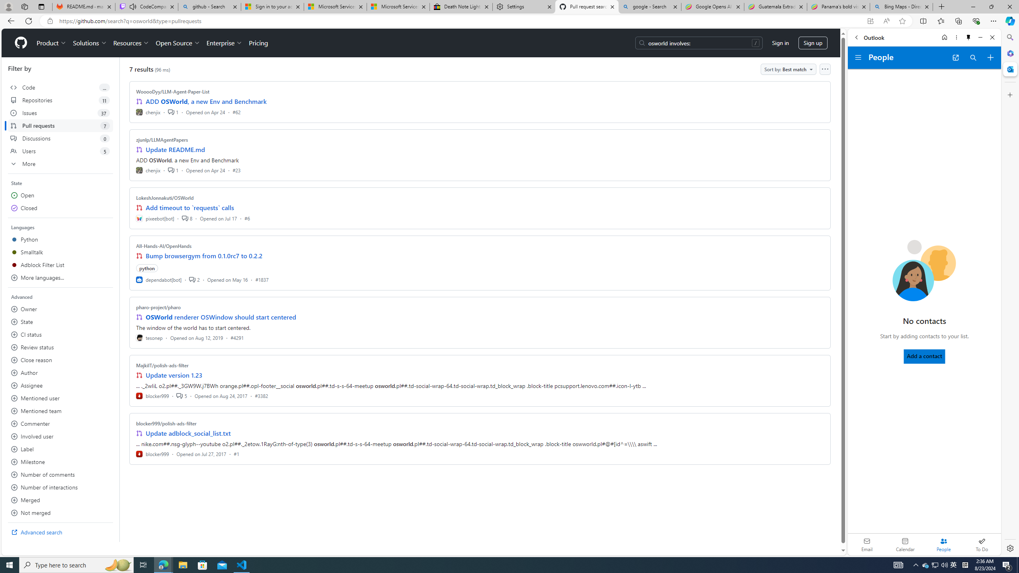  I want to click on 'blocker999', so click(152, 454).